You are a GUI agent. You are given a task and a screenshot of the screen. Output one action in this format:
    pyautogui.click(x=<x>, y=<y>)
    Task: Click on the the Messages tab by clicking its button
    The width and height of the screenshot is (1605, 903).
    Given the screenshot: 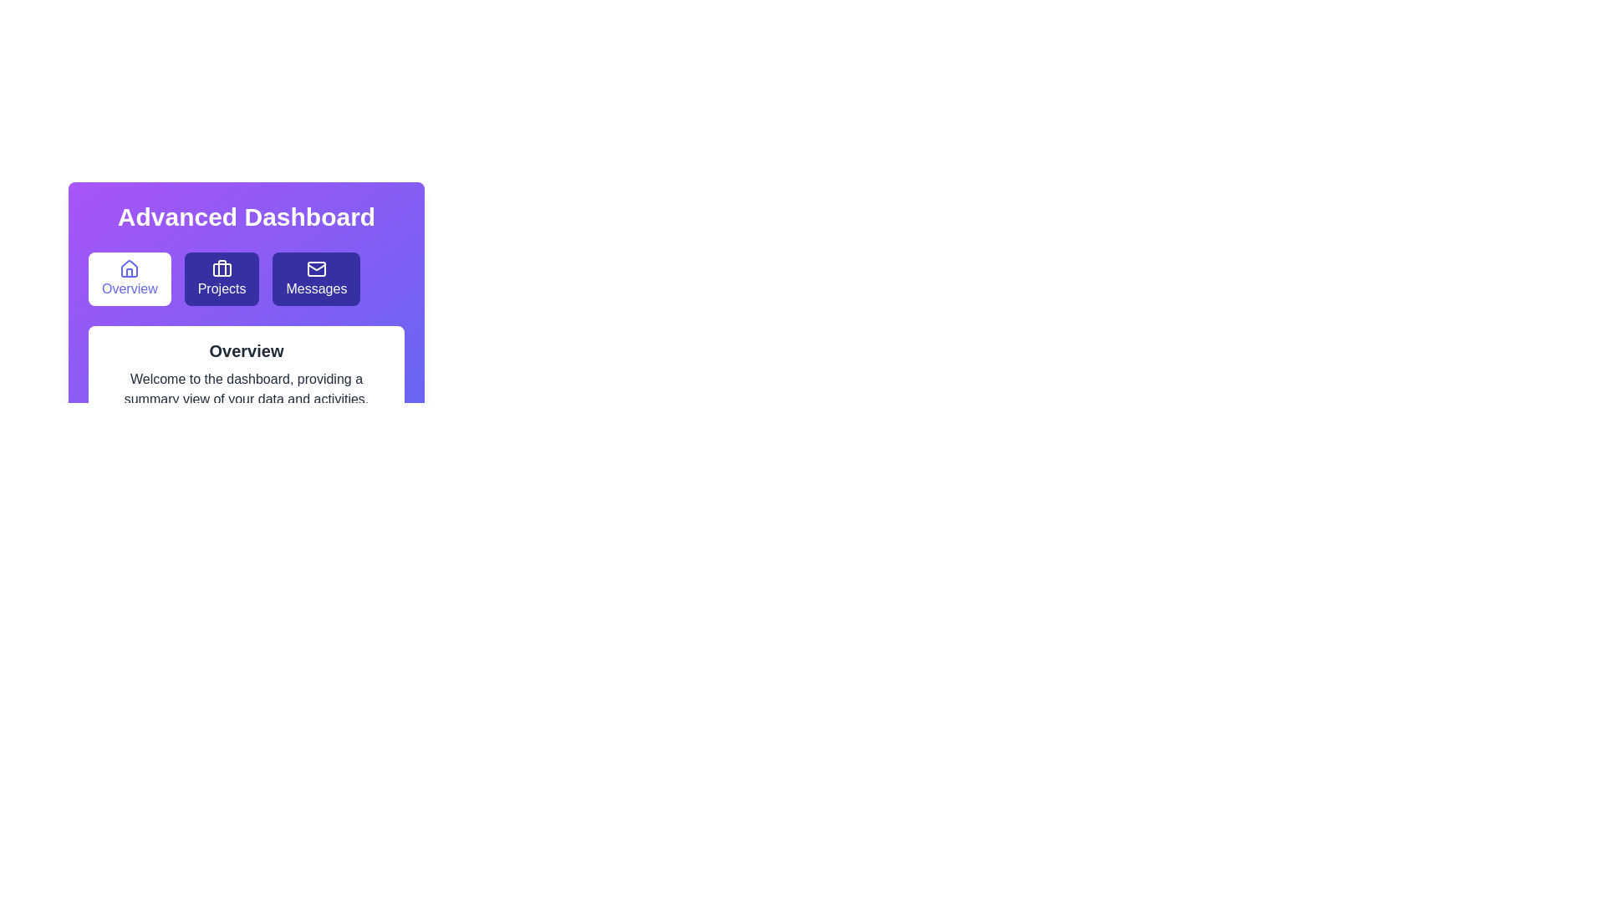 What is the action you would take?
    pyautogui.click(x=317, y=278)
    